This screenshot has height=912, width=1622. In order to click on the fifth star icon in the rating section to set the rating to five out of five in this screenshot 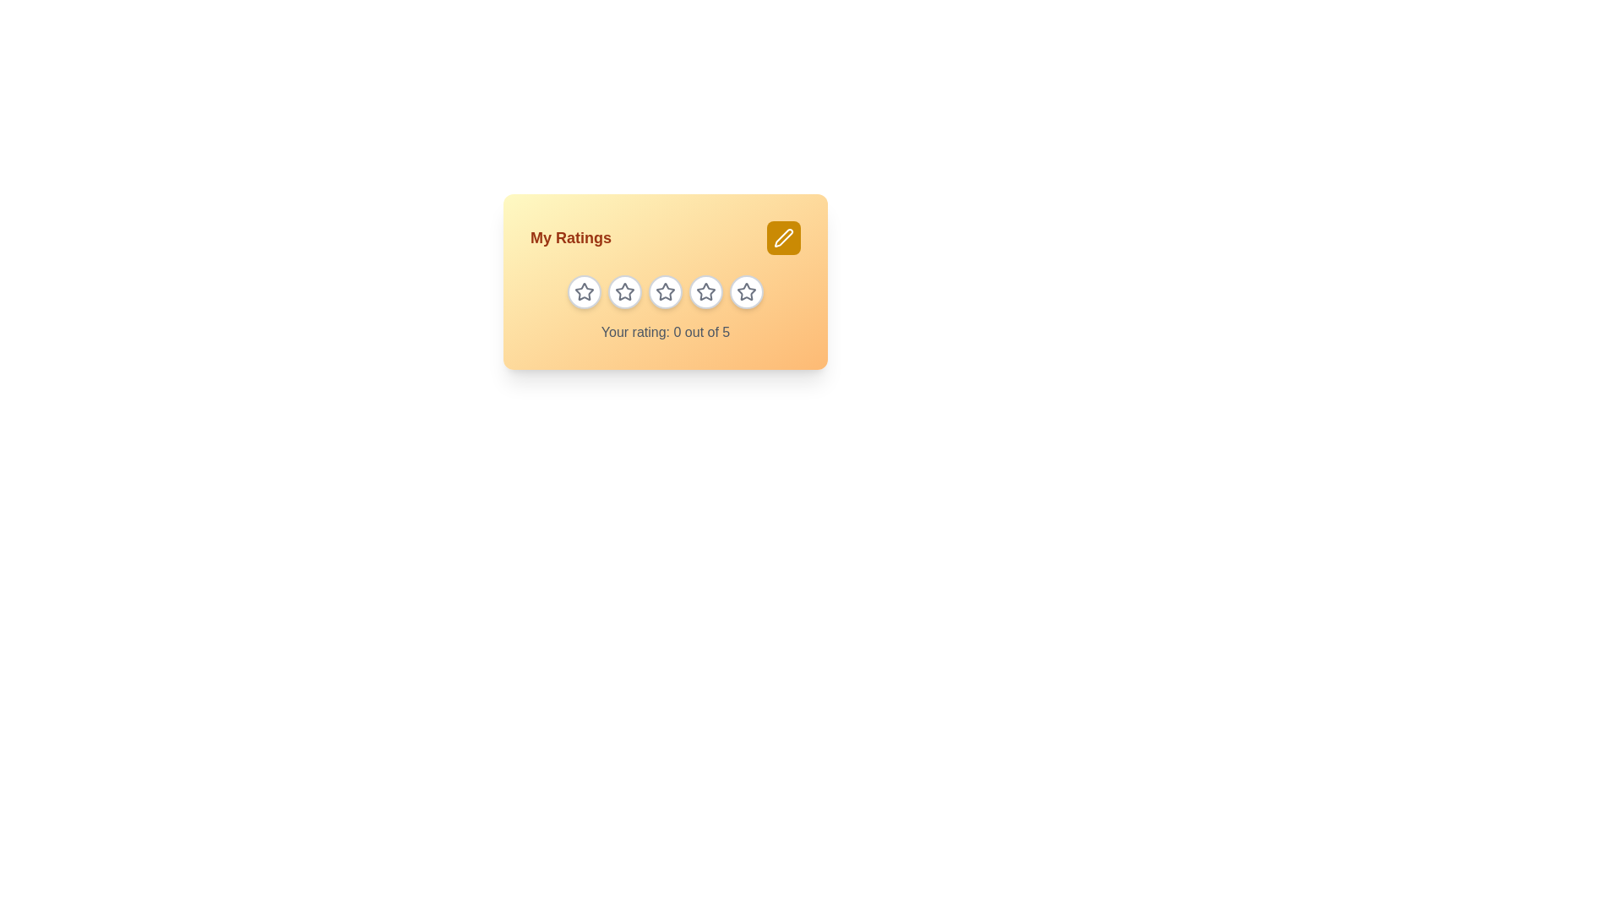, I will do `click(745, 291)`.